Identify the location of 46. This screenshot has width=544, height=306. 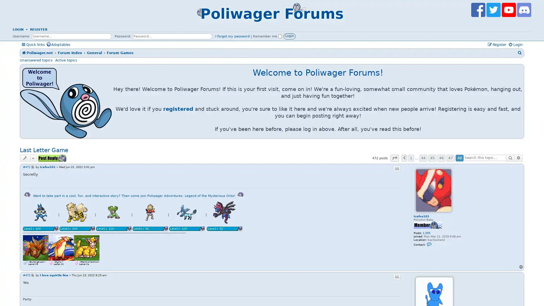
(441, 158).